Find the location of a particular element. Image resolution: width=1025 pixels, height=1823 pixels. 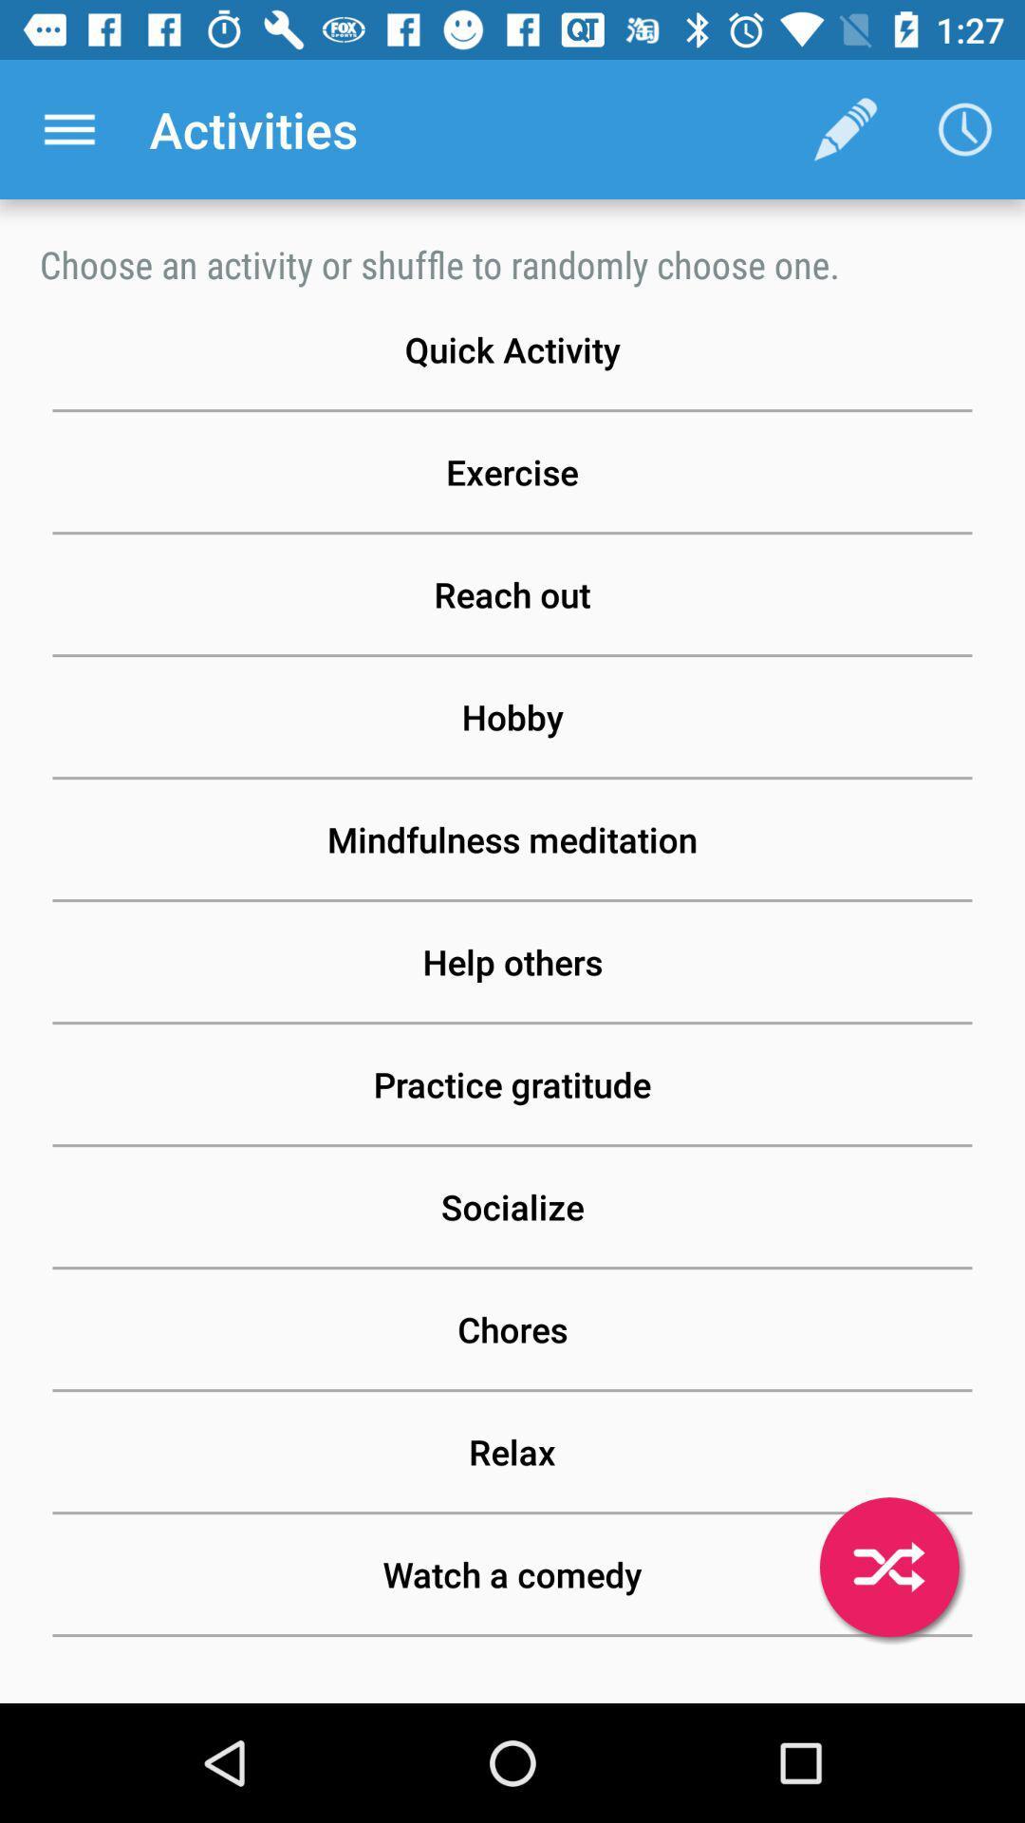

the help others is located at coordinates (512, 962).